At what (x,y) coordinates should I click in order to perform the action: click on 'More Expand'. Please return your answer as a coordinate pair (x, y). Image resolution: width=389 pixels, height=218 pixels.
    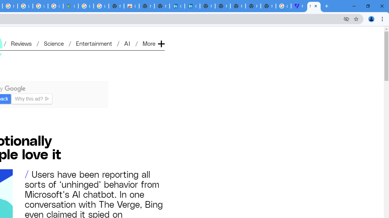
    Looking at the image, I should click on (153, 43).